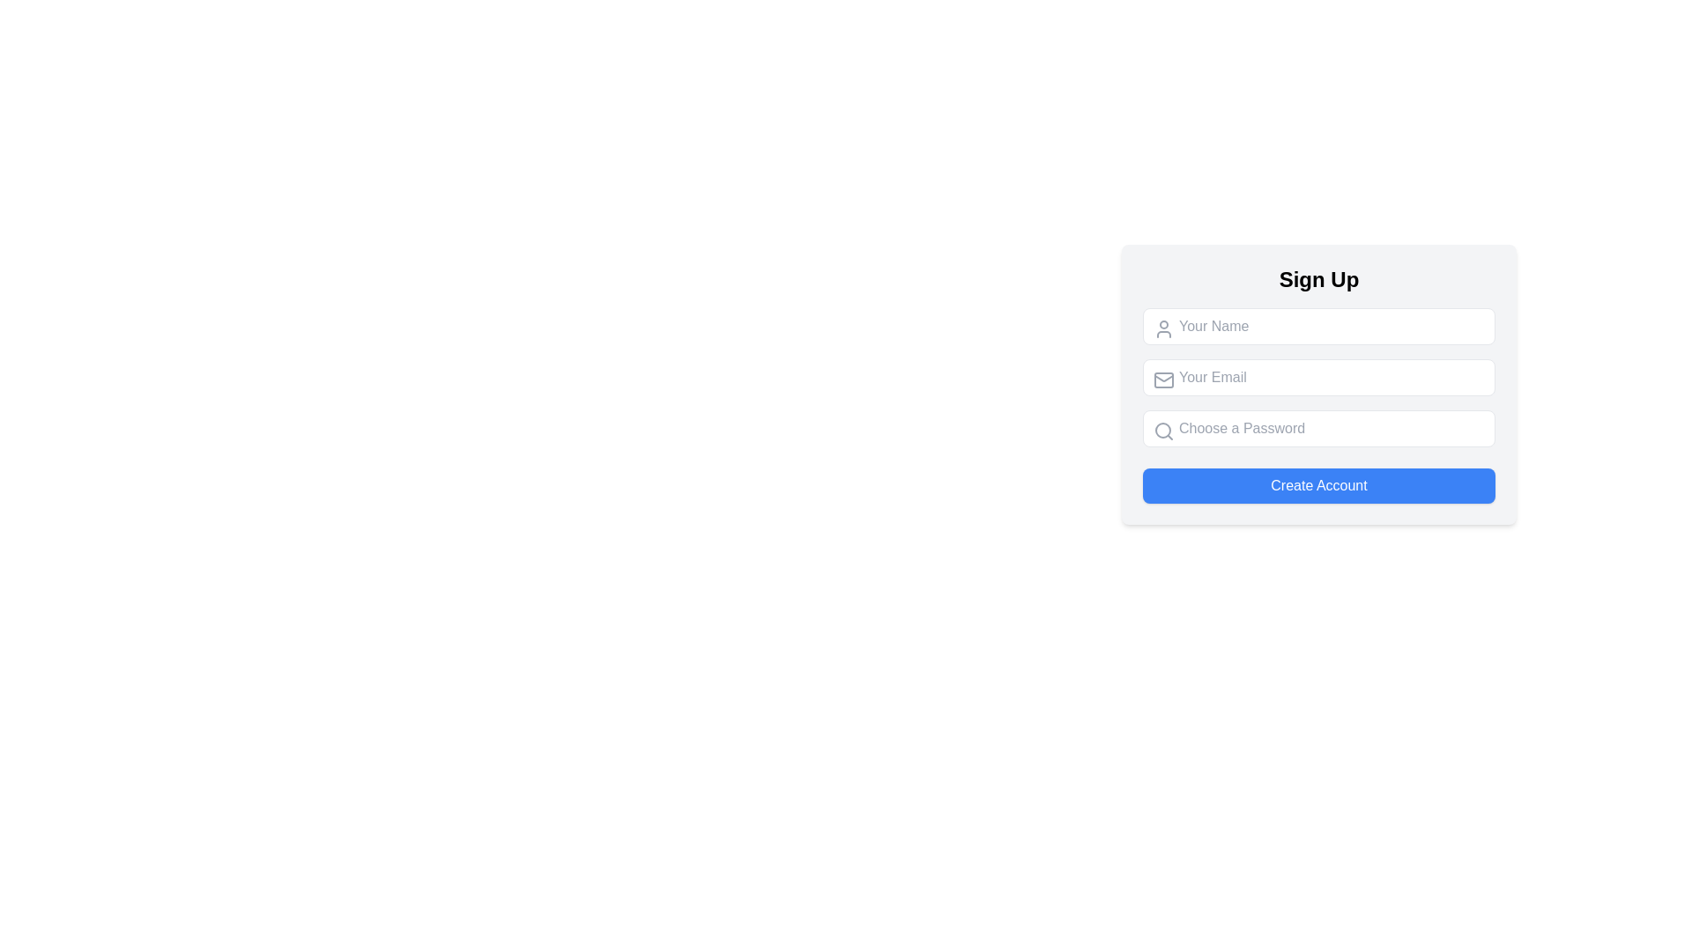 This screenshot has height=951, width=1692. Describe the element at coordinates (1319, 485) in the screenshot. I see `the 'Create Account' button, which is a rounded button with white text on a blue background, located at the bottom of the 'Sign Up' form` at that location.